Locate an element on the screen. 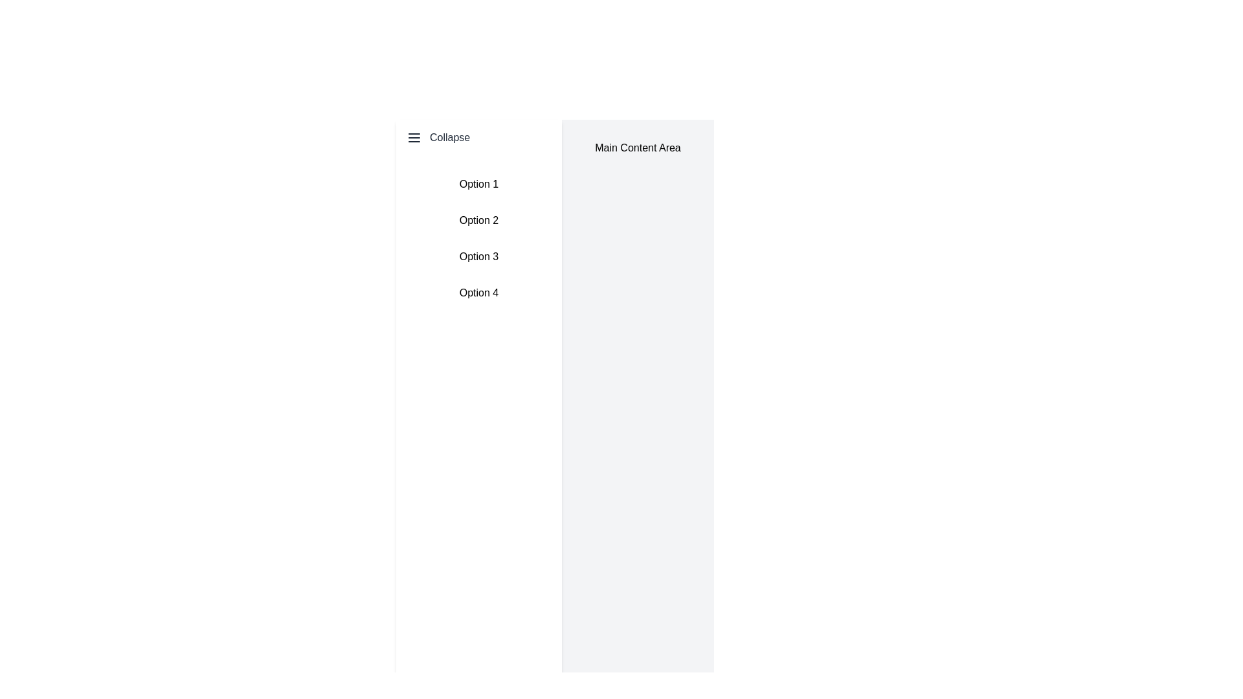 This screenshot has width=1243, height=699. the sidebar toggle button located at the top of the left sidebar is located at coordinates (438, 137).